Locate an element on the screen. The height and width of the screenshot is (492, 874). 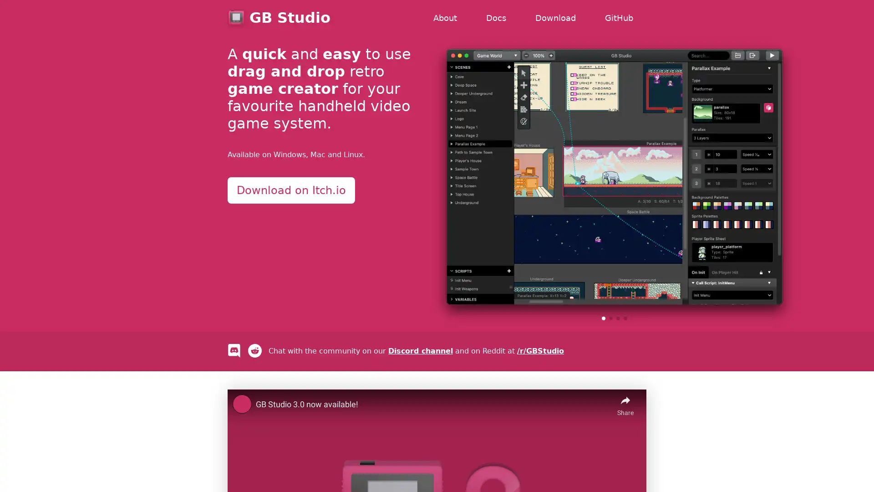
Go to slide 2 is located at coordinates (611, 318).